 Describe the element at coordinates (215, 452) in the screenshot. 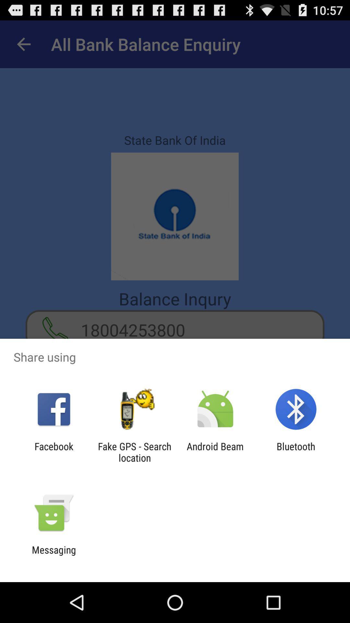

I see `icon next to the bluetooth item` at that location.